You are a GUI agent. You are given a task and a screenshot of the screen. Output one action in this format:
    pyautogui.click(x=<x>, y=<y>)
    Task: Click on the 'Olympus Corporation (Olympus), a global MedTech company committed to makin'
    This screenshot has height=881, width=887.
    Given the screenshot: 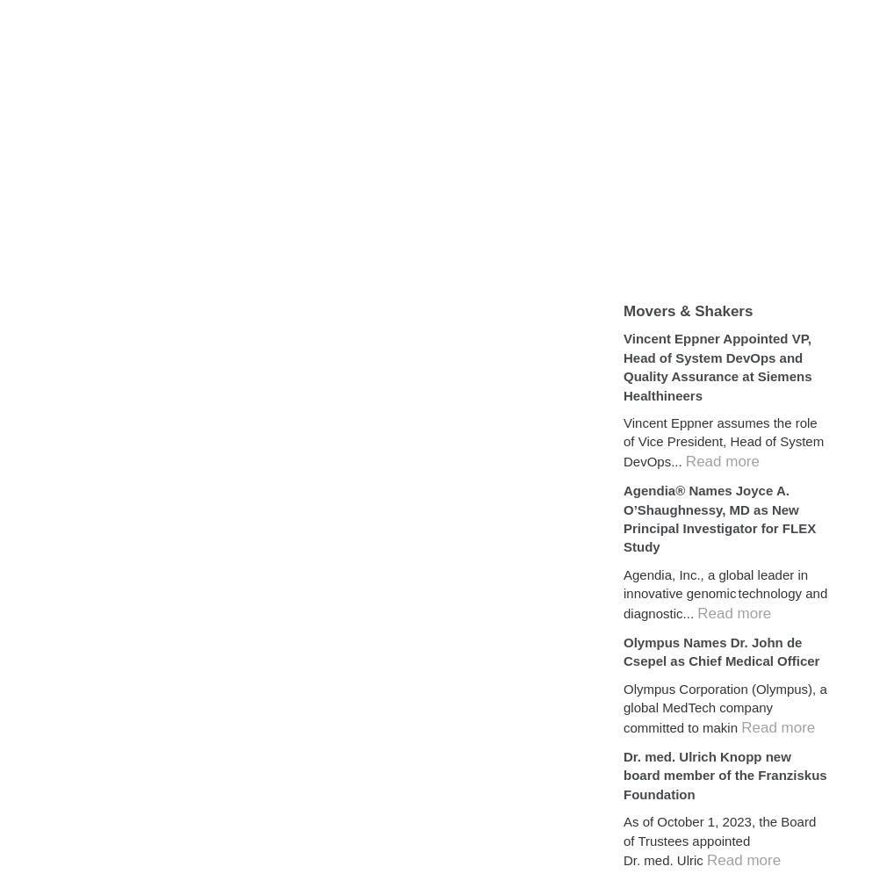 What is the action you would take?
    pyautogui.click(x=725, y=707)
    